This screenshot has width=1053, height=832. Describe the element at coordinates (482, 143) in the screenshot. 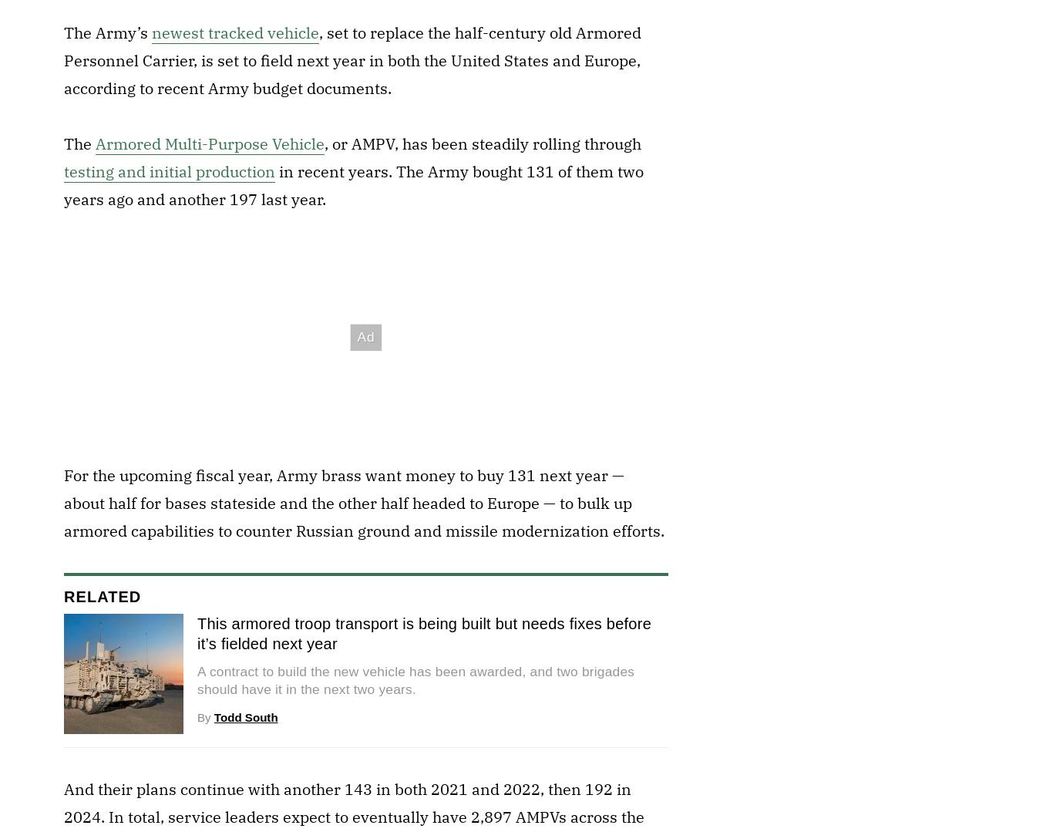

I see `', or AMPV, has been steadily rolling through'` at that location.